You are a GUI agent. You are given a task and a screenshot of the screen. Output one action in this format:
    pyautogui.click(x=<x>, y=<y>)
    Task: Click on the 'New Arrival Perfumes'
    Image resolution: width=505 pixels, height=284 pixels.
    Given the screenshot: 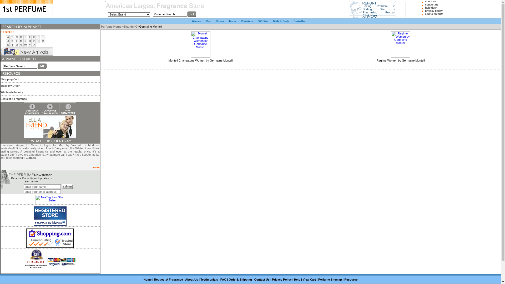 What is the action you would take?
    pyautogui.click(x=26, y=51)
    